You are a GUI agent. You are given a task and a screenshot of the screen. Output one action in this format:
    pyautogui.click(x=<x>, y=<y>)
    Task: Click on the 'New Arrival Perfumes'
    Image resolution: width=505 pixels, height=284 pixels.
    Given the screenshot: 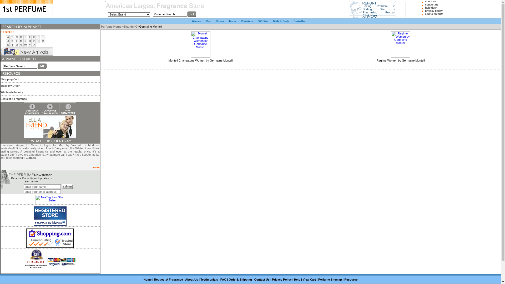 What is the action you would take?
    pyautogui.click(x=26, y=51)
    